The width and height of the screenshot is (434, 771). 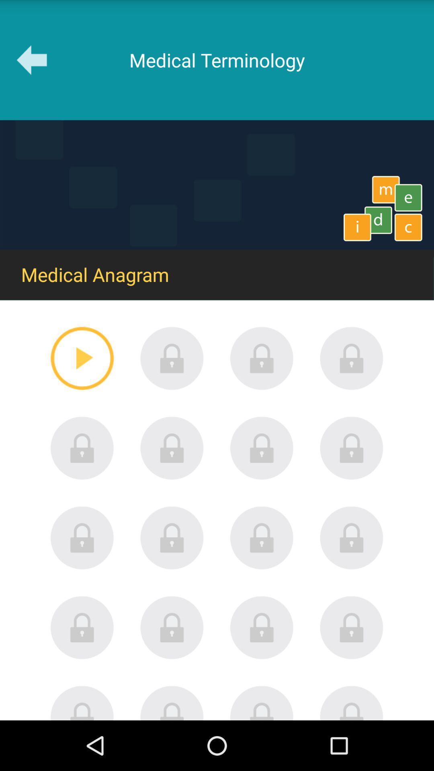 I want to click on the lock icon, so click(x=82, y=575).